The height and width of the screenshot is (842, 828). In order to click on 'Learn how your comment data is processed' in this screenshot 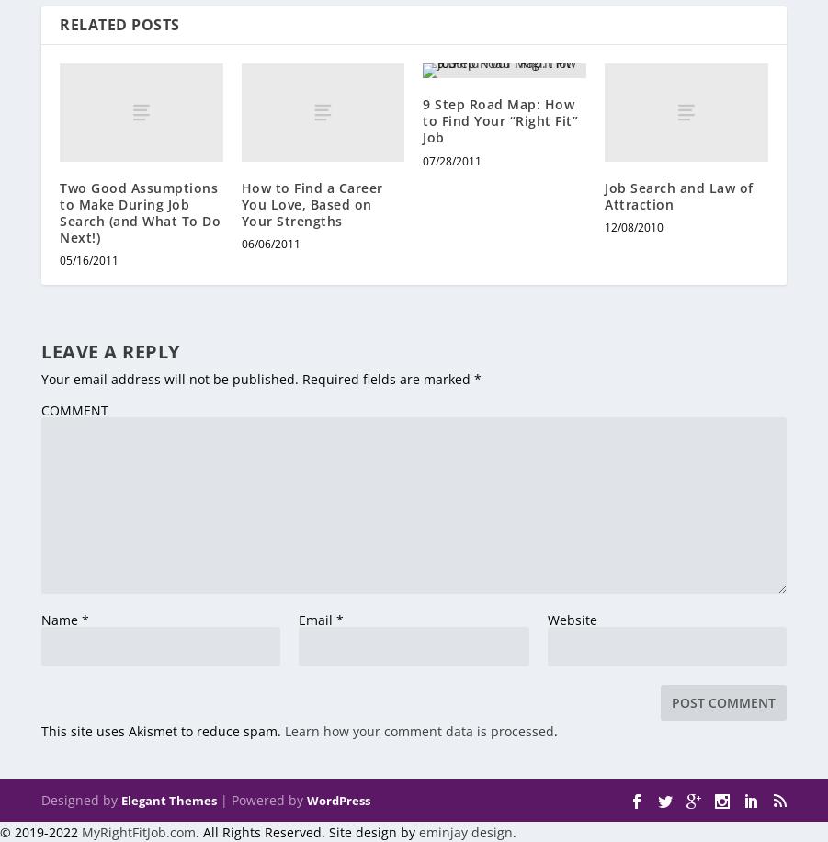, I will do `click(419, 730)`.